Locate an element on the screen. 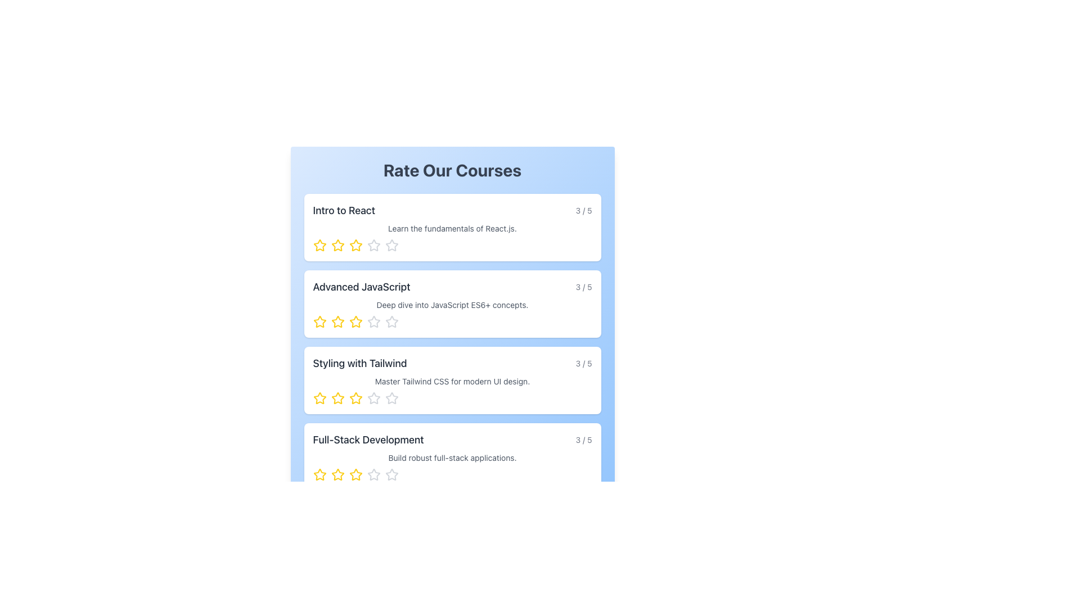  the first star-shaped rating icon for the 'Intro to React' course is located at coordinates (337, 244).